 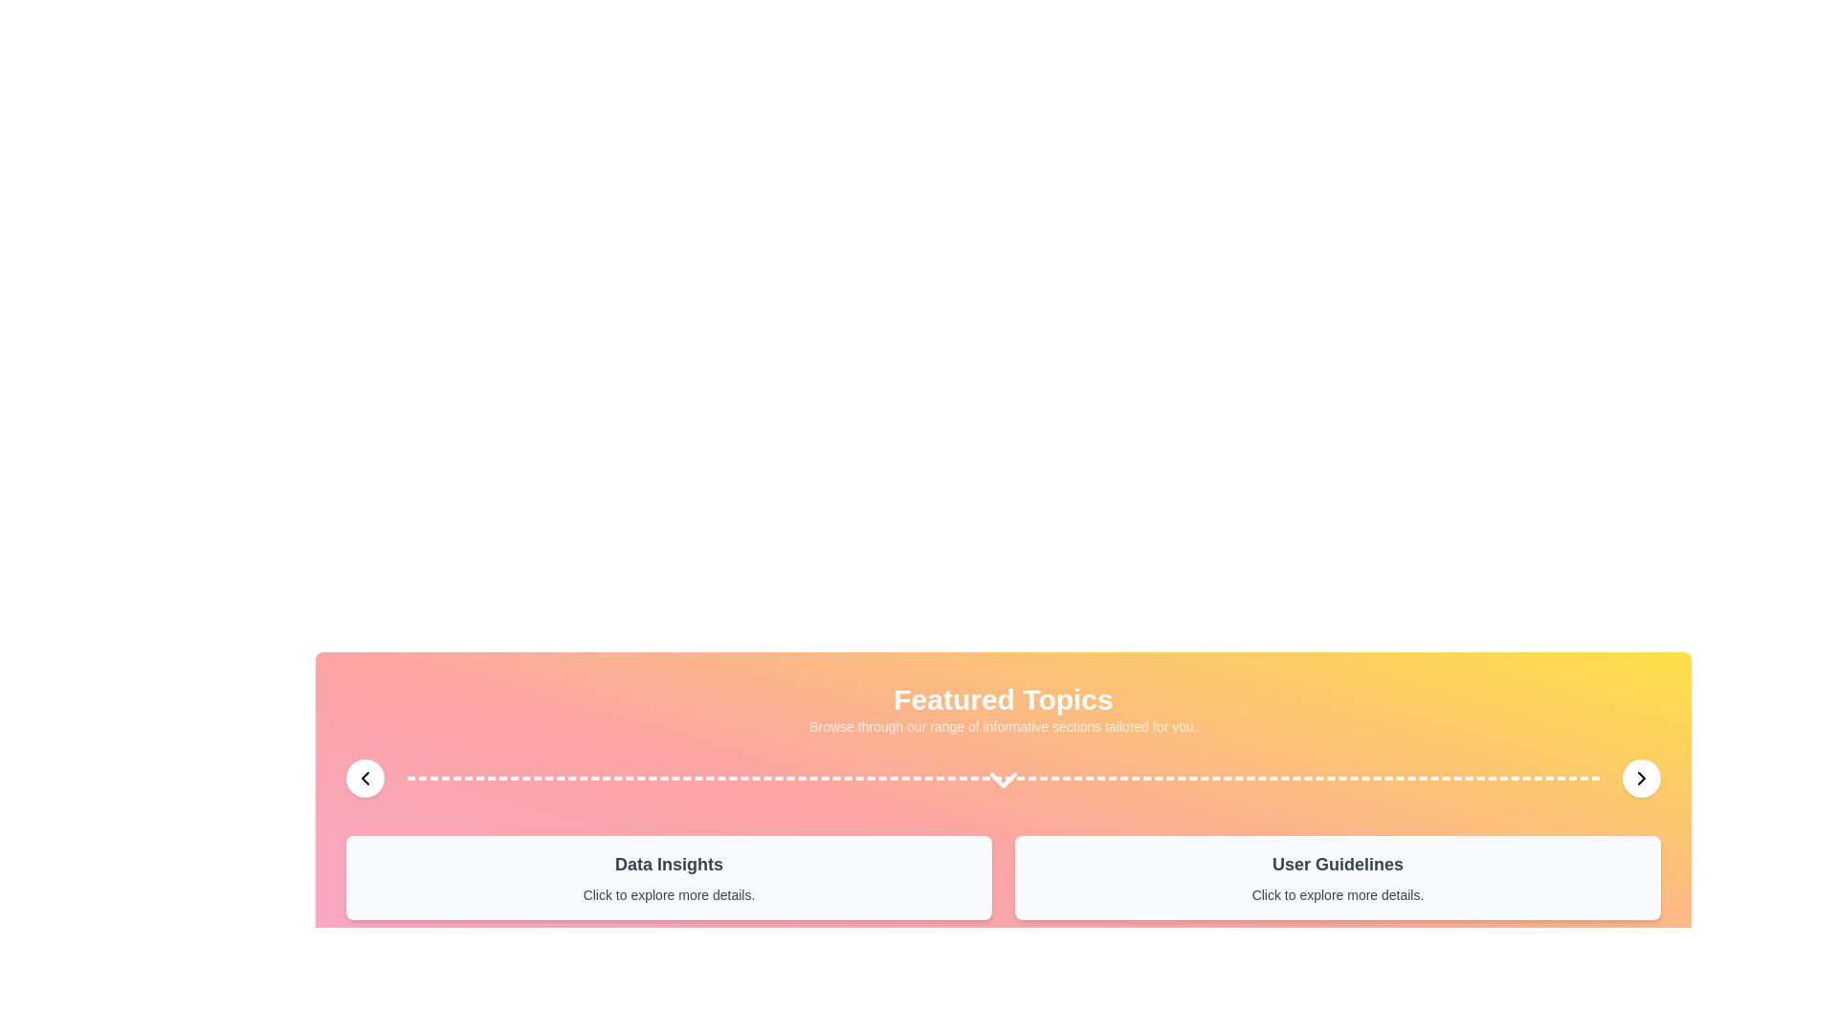 What do you see at coordinates (1337, 864) in the screenshot?
I see `the Text label that serves as the title or header for the card, located in the upper section of the card with a light background, positioned above another text line reading 'Click` at bounding box center [1337, 864].